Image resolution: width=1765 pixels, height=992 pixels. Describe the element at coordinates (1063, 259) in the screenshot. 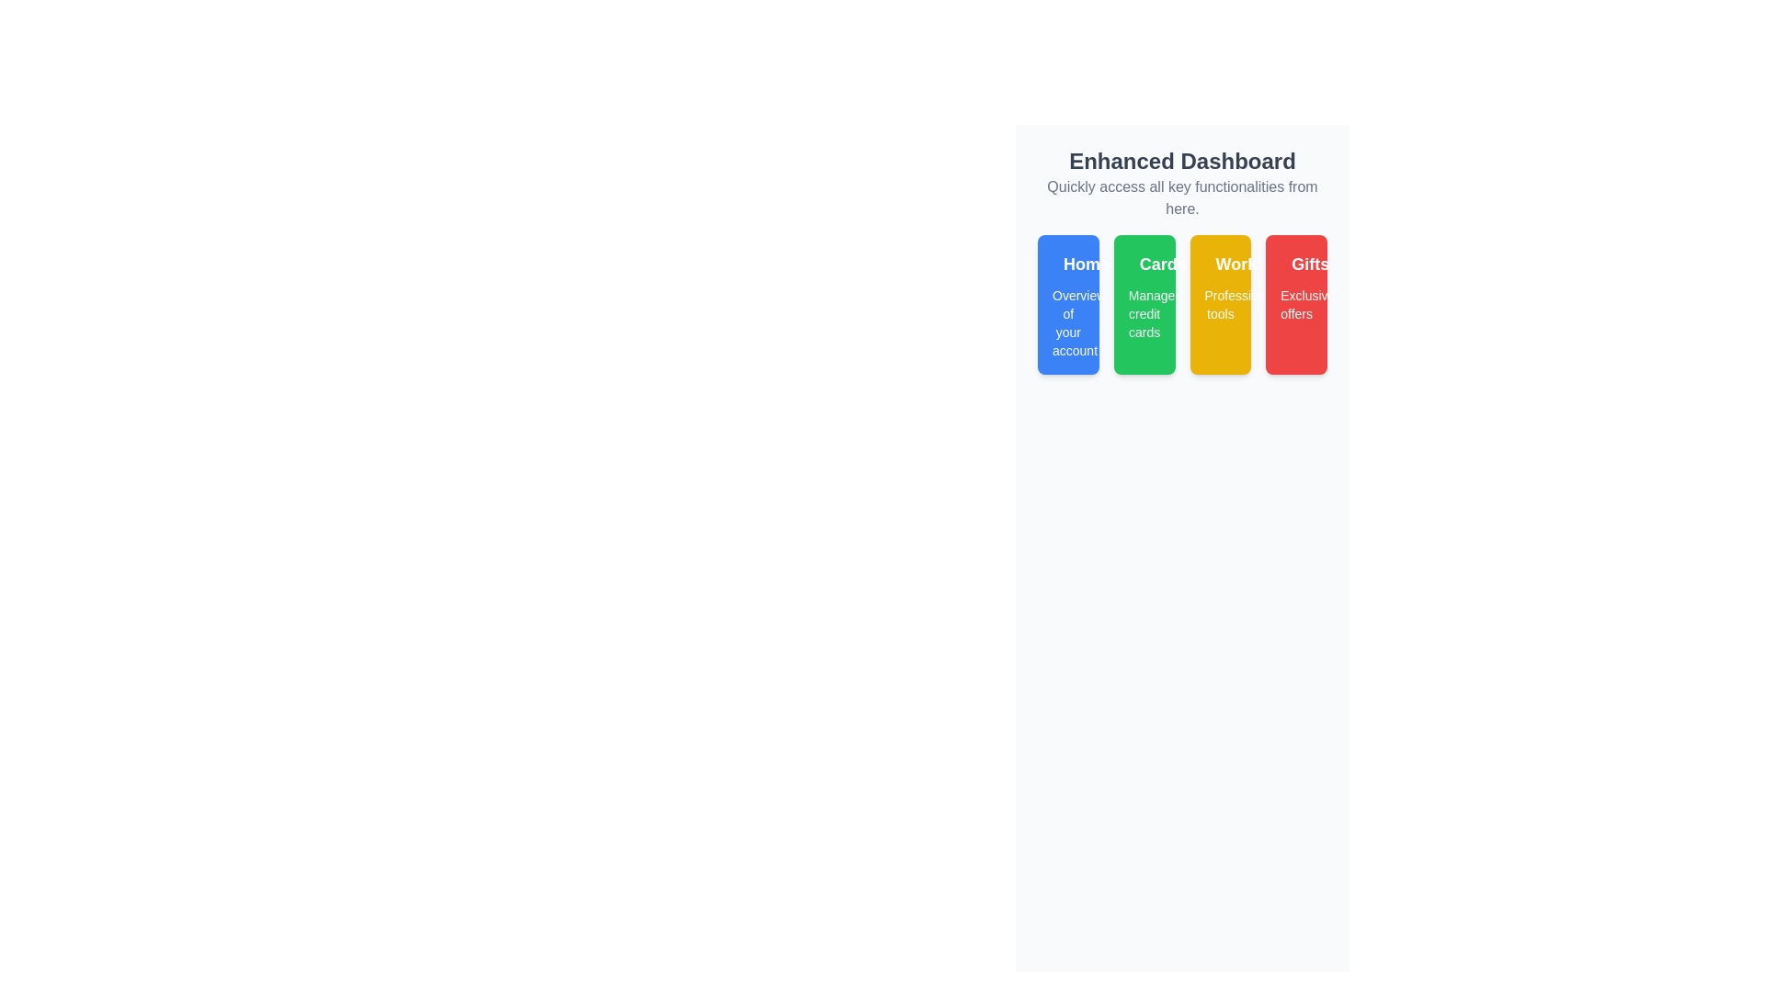

I see `the minimalist house icon located in the blue 'Home' button beneath the 'Enhanced Dashboard' title` at that location.